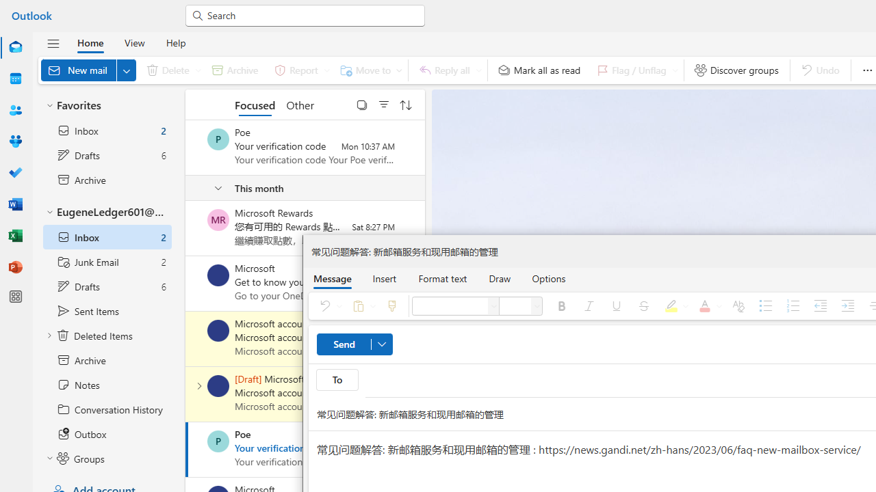 The width and height of the screenshot is (876, 492). Describe the element at coordinates (383, 104) in the screenshot. I see `'Filter'` at that location.